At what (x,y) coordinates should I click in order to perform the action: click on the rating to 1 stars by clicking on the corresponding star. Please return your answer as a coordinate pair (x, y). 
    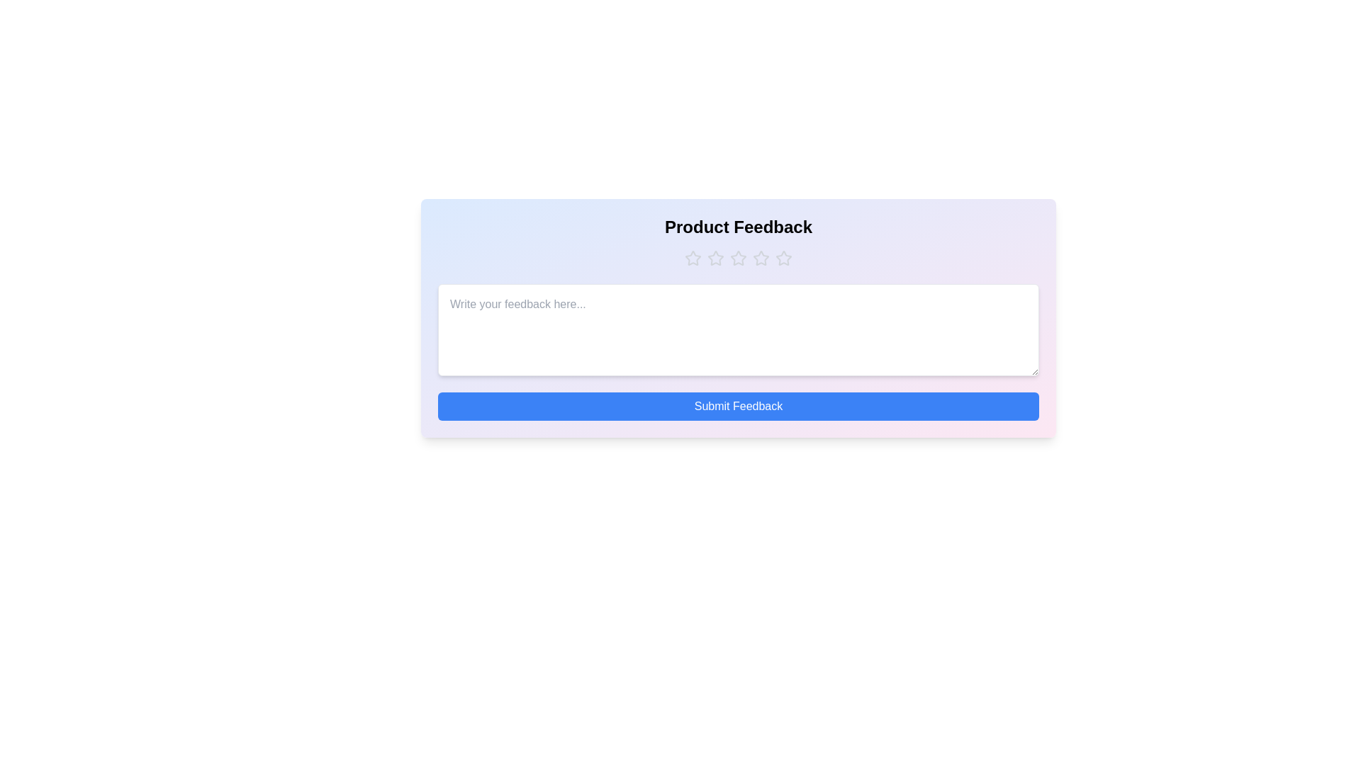
    Looking at the image, I should click on (693, 259).